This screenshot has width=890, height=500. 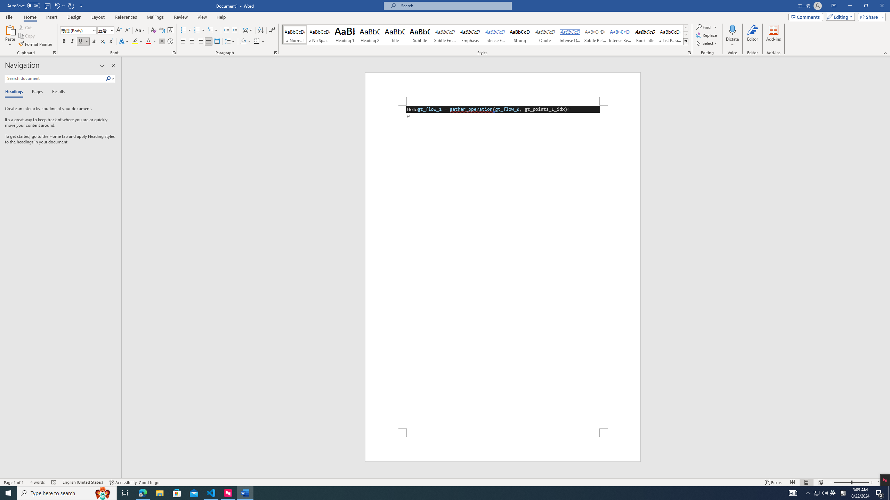 I want to click on 'Subscript', so click(x=102, y=41).